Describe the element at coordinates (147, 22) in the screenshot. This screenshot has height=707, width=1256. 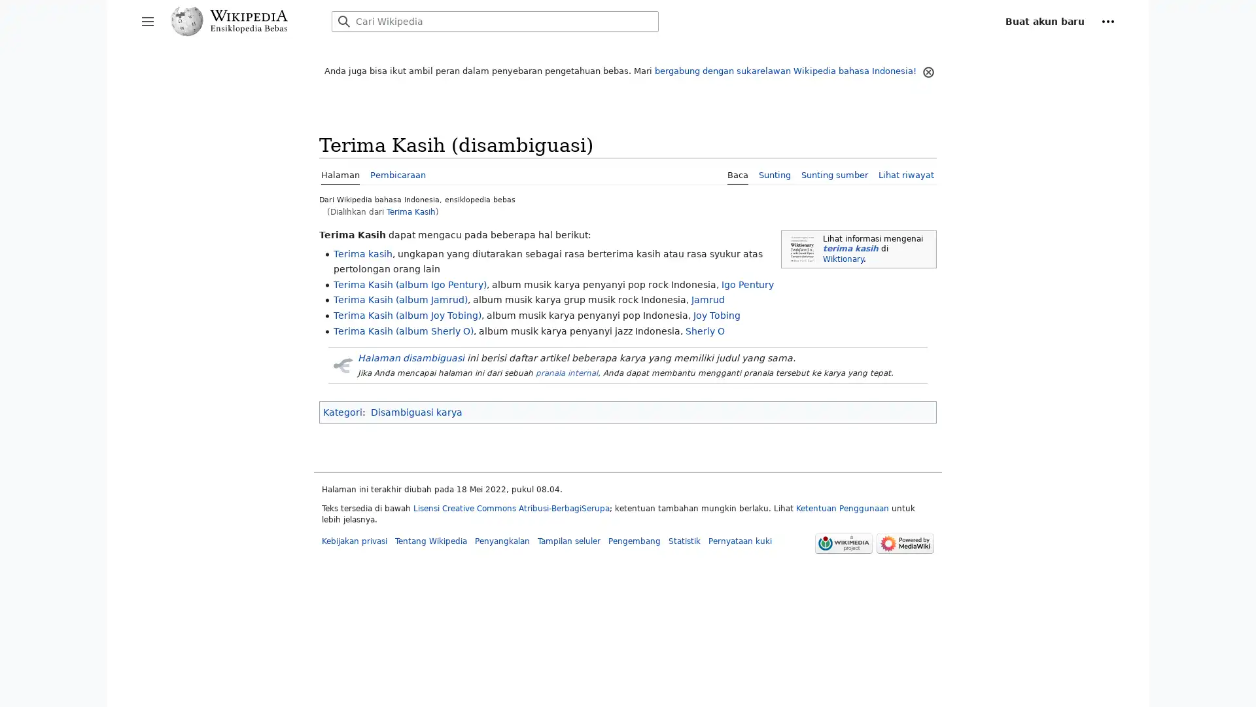
I see `Buka/tutup bilah samping` at that location.